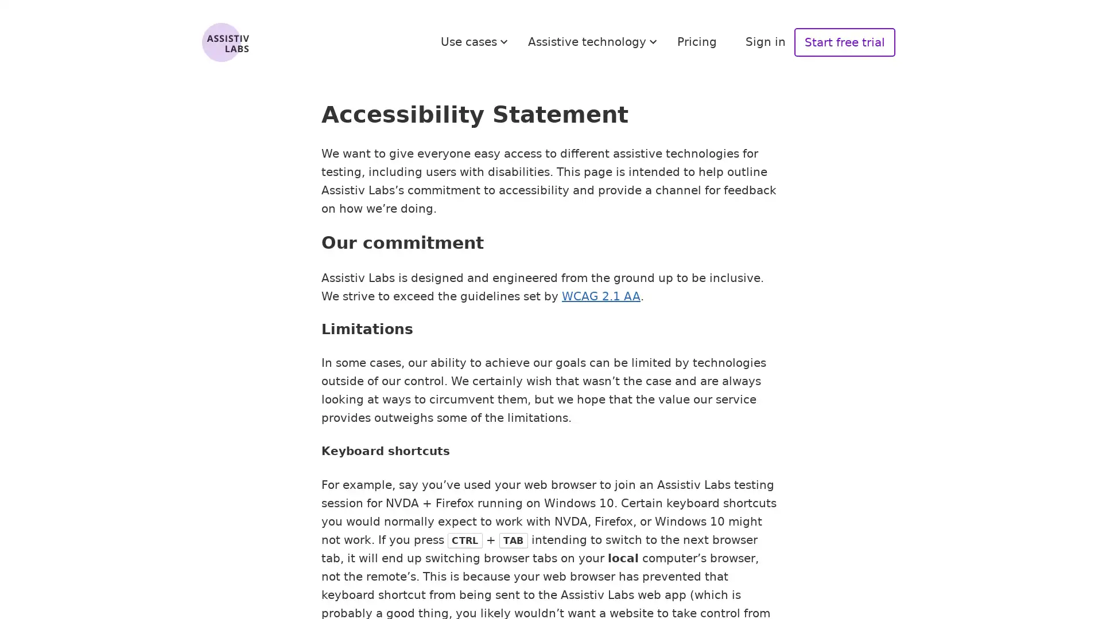 The image size is (1102, 619). I want to click on Use cases, so click(476, 41).